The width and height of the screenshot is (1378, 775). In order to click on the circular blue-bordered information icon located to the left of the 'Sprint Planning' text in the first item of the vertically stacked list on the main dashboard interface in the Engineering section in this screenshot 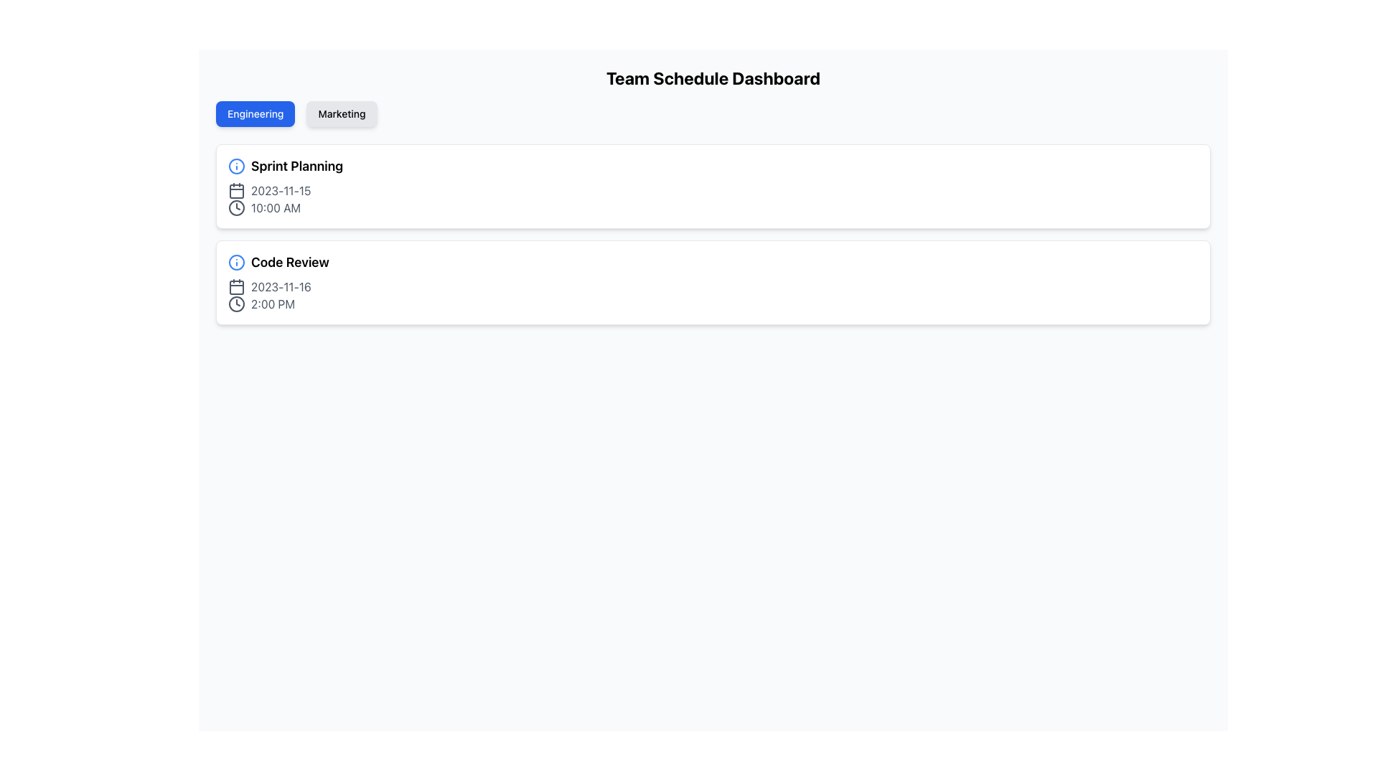, I will do `click(237, 165)`.